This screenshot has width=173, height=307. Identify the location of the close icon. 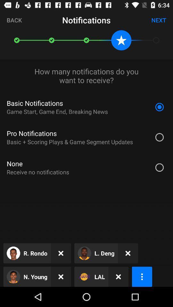
(61, 253).